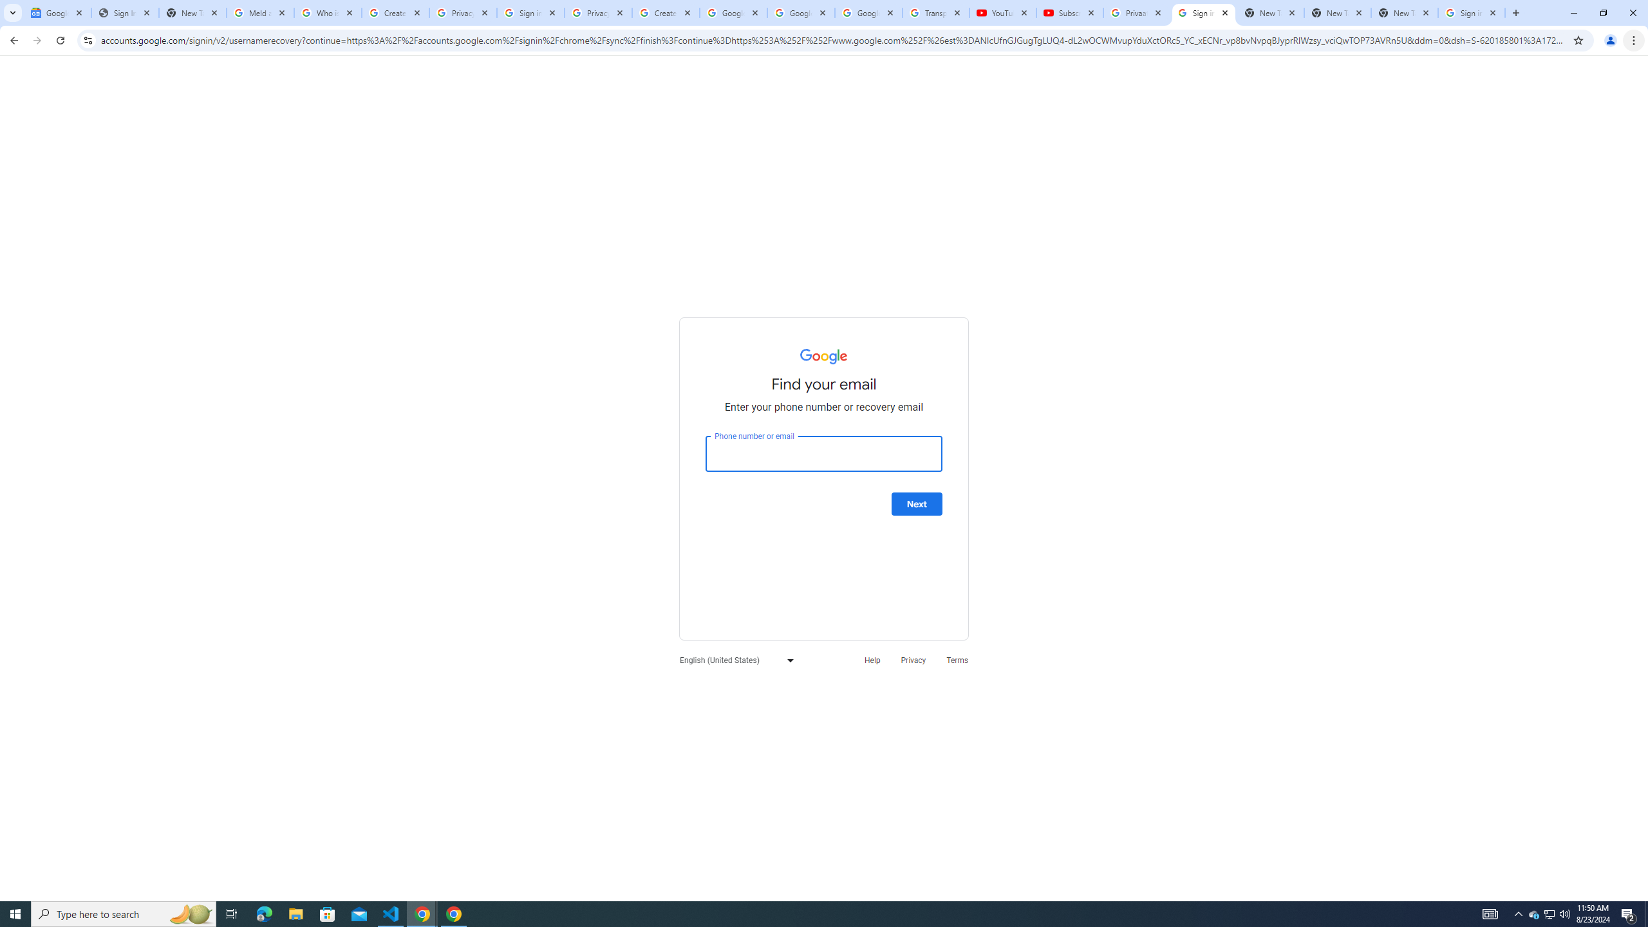 The height and width of the screenshot is (927, 1648). Describe the element at coordinates (1611, 40) in the screenshot. I see `'You'` at that location.